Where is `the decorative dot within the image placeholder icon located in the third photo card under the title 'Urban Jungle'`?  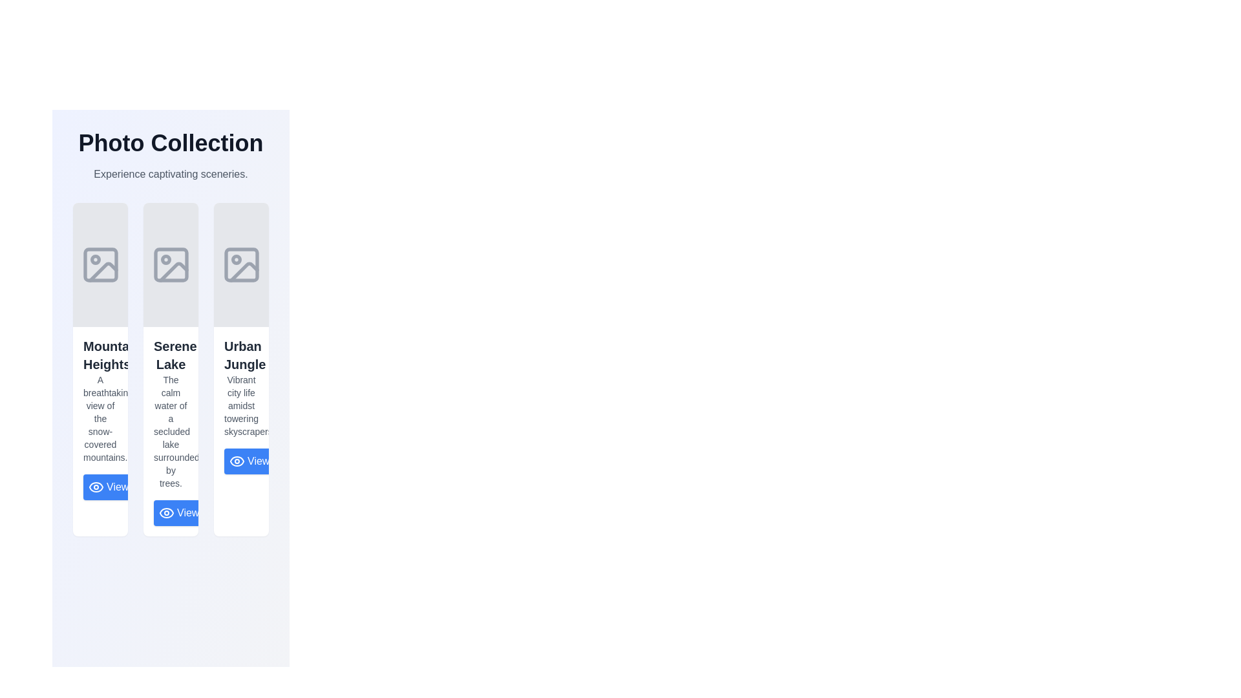 the decorative dot within the image placeholder icon located in the third photo card under the title 'Urban Jungle' is located at coordinates (236, 259).